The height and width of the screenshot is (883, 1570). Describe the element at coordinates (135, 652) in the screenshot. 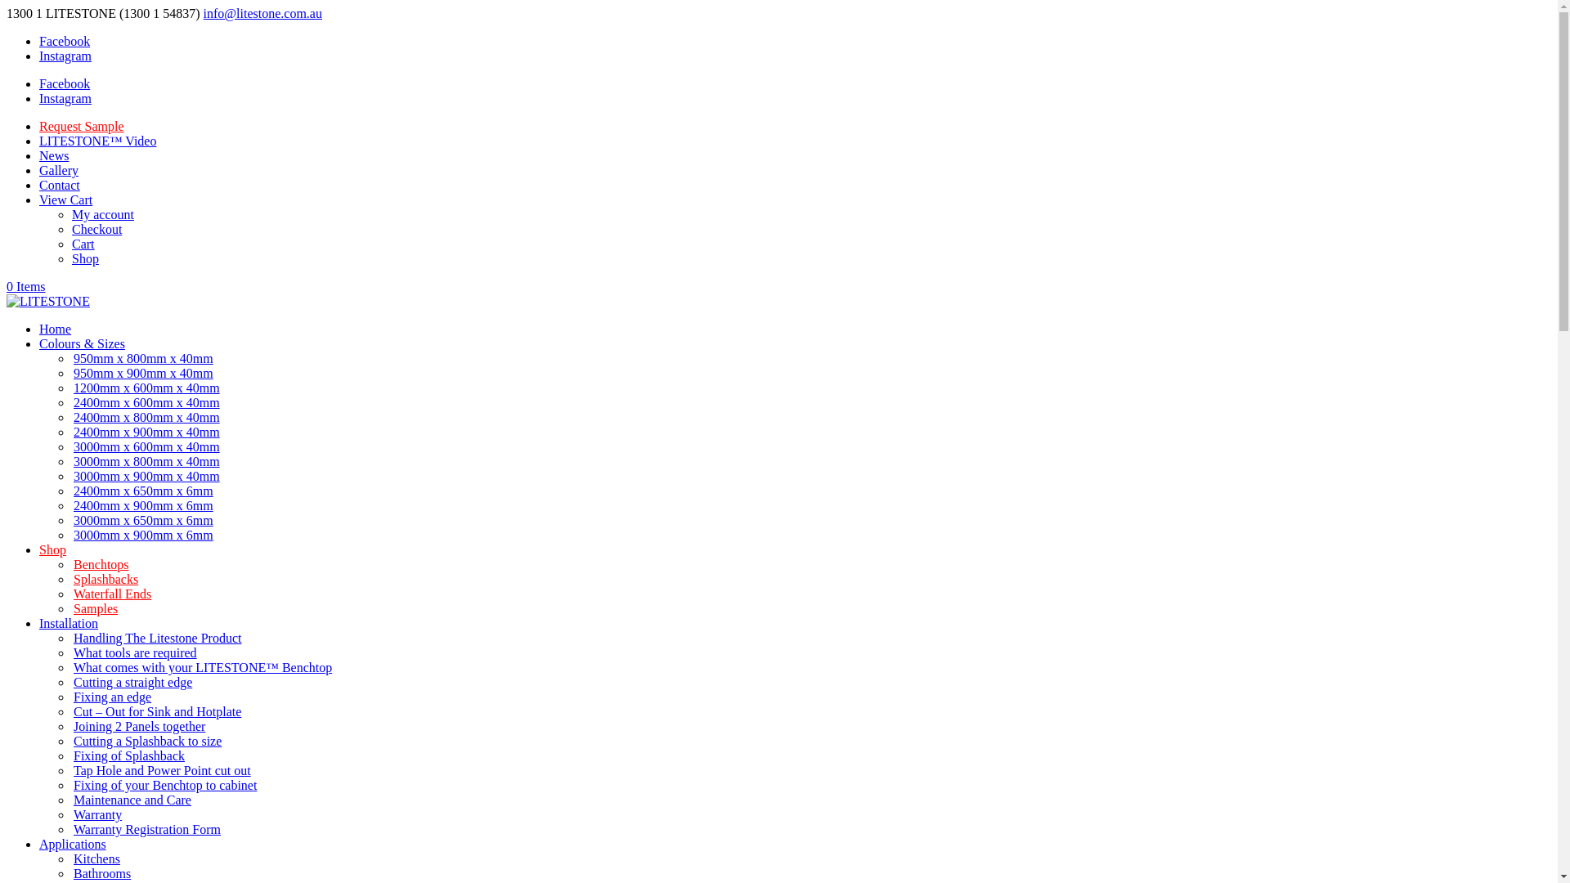

I see `'What tools are required'` at that location.